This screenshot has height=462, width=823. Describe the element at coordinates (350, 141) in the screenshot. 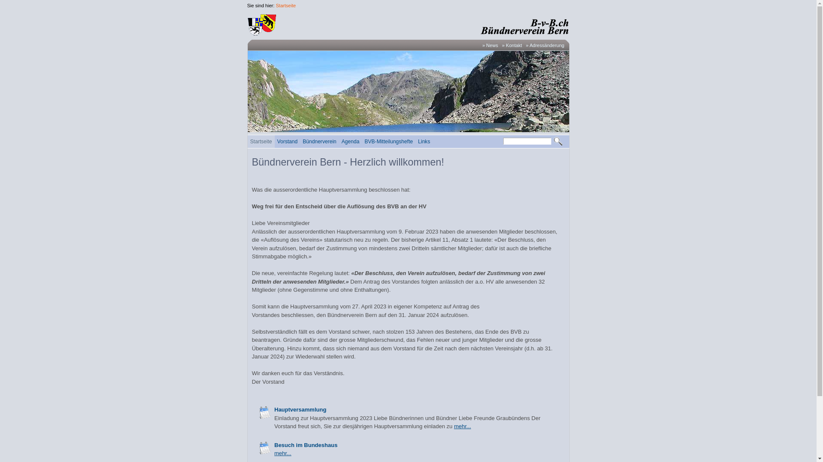

I see `'Agenda'` at that location.